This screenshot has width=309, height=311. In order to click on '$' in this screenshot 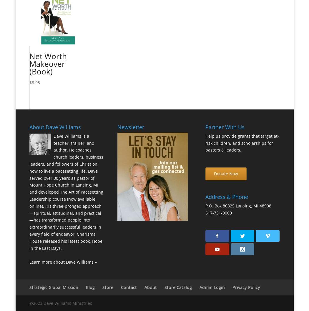, I will do `click(30, 82)`.